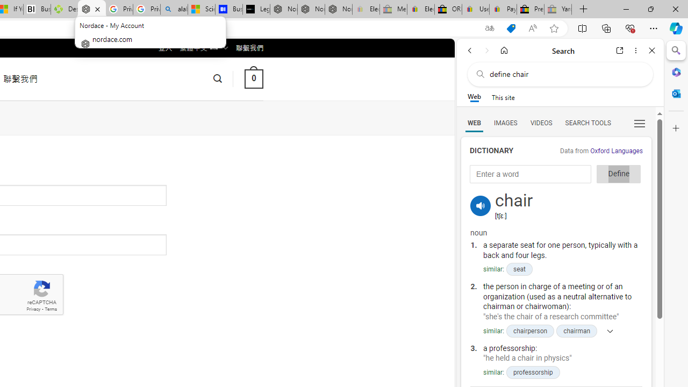 The width and height of the screenshot is (688, 387). What do you see at coordinates (531, 174) in the screenshot?
I see `'Enter a word'` at bounding box center [531, 174].